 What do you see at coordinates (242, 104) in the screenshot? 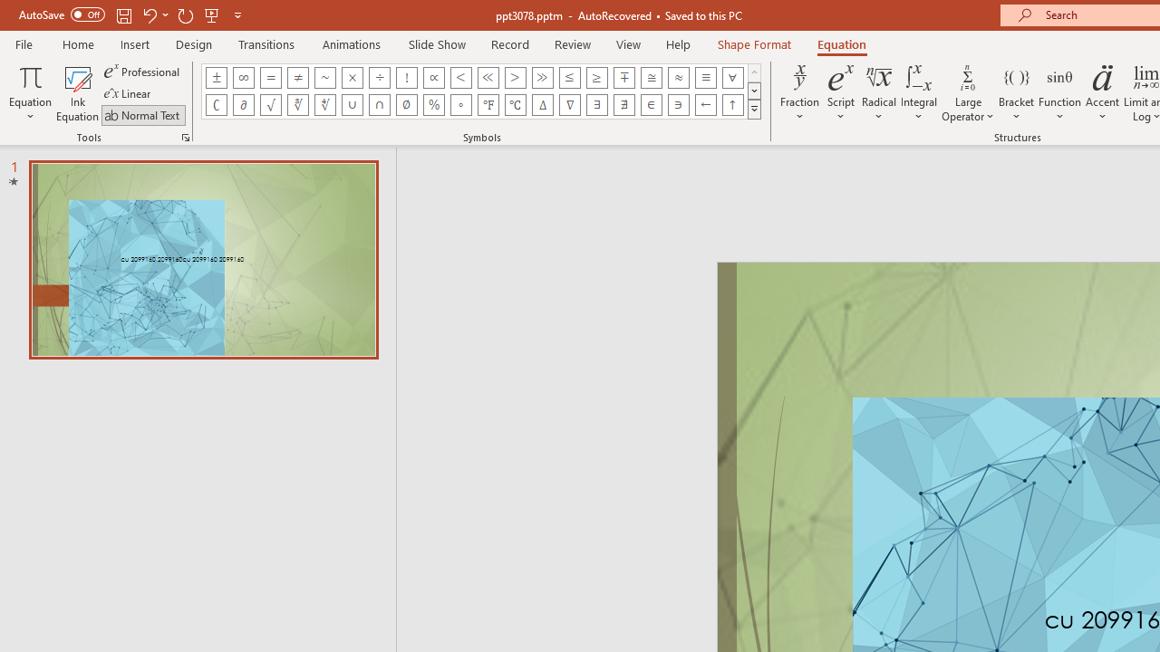
I see `'Equation Symbol Partial Differential'` at bounding box center [242, 104].